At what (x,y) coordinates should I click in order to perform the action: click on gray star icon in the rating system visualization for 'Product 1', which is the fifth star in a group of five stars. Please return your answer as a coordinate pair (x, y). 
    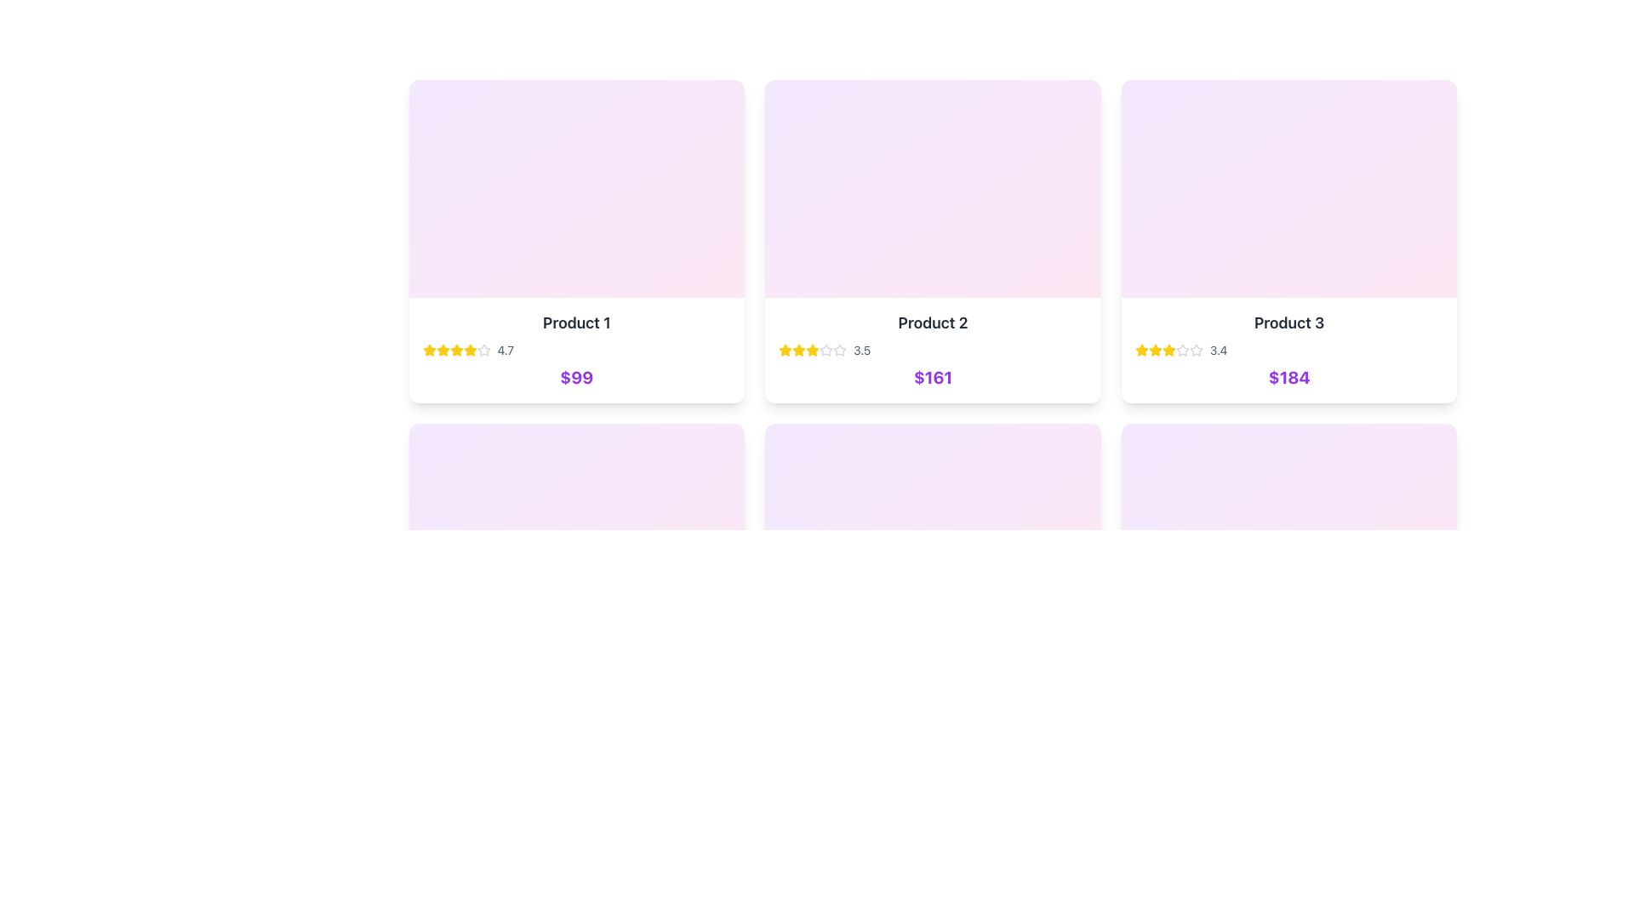
    Looking at the image, I should click on (483, 349).